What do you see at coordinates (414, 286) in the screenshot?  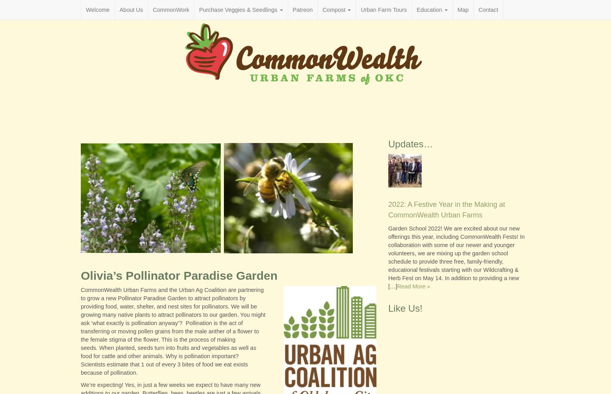 I see `'Read More »'` at bounding box center [414, 286].